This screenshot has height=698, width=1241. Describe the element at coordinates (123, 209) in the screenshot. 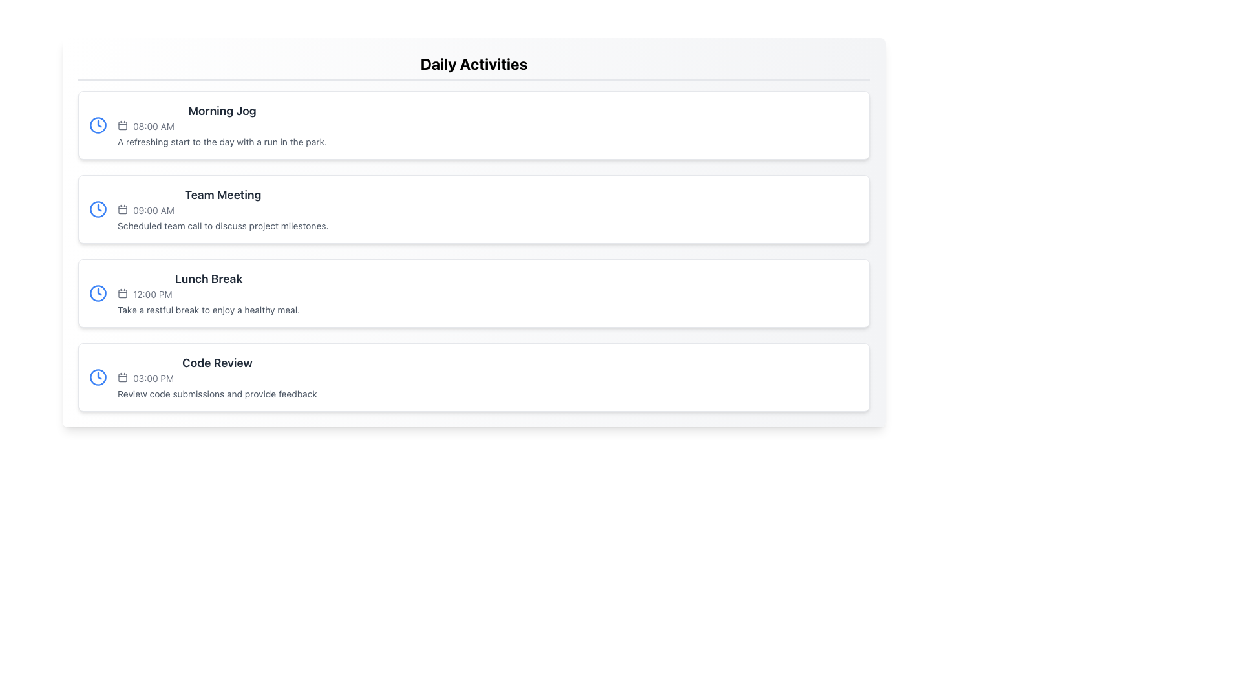

I see `the visual appearance of the calendar icon located to the left of the '09:00 AM' text in the 'Team Meeting' activity block, which is the second block under the 'Daily Activities' header` at that location.